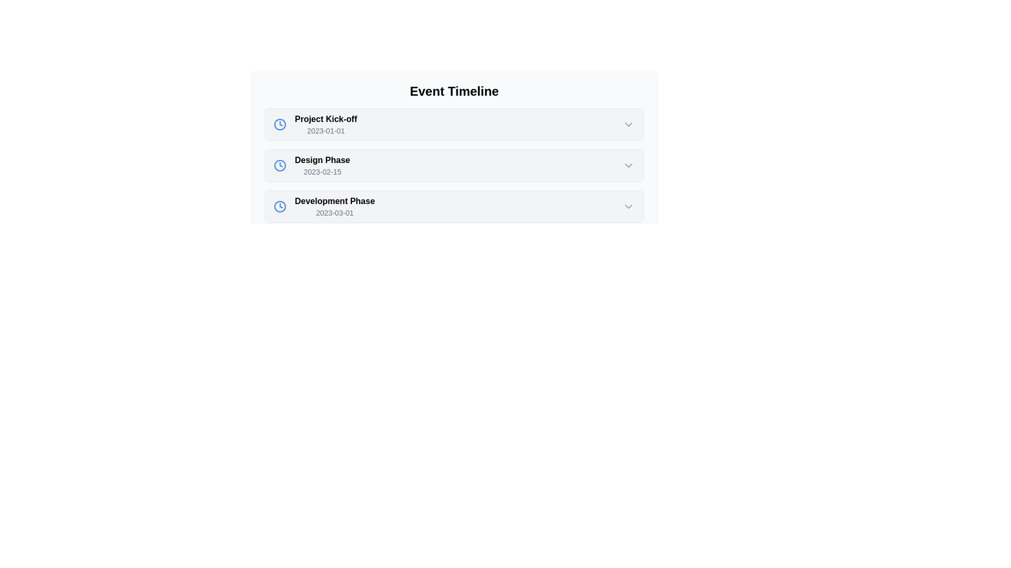  I want to click on date displayed in the small light gray text label showing '2023-01-01' located below 'Project Kick-off' in the event timeline, so click(325, 130).